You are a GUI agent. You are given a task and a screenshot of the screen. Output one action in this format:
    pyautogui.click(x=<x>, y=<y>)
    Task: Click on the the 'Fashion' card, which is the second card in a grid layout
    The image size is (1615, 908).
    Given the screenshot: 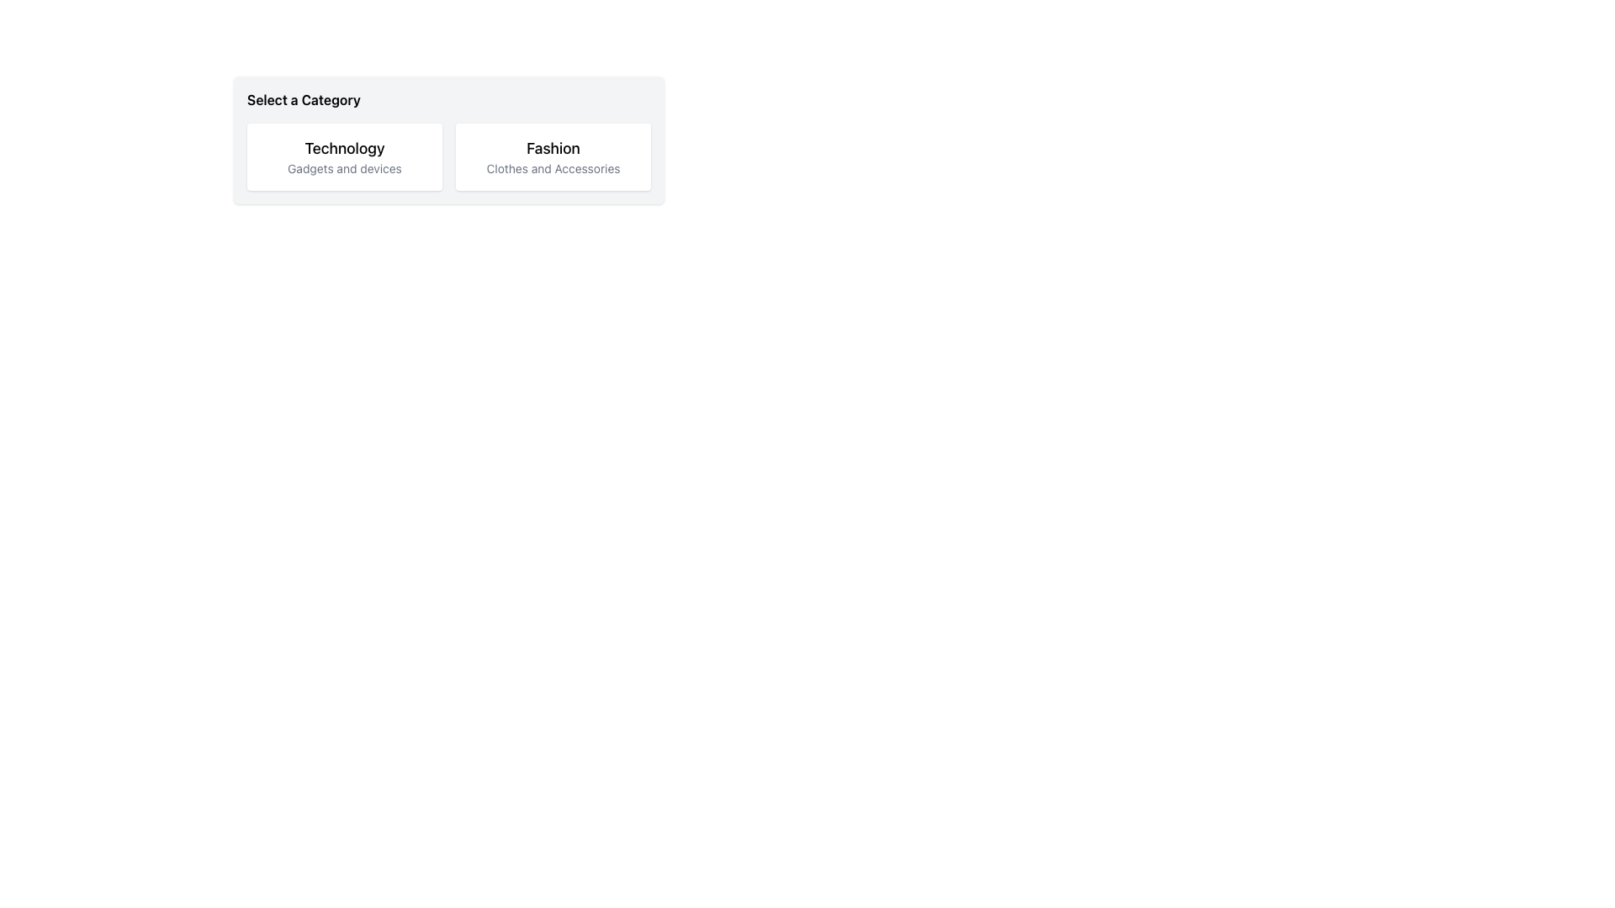 What is the action you would take?
    pyautogui.click(x=553, y=156)
    